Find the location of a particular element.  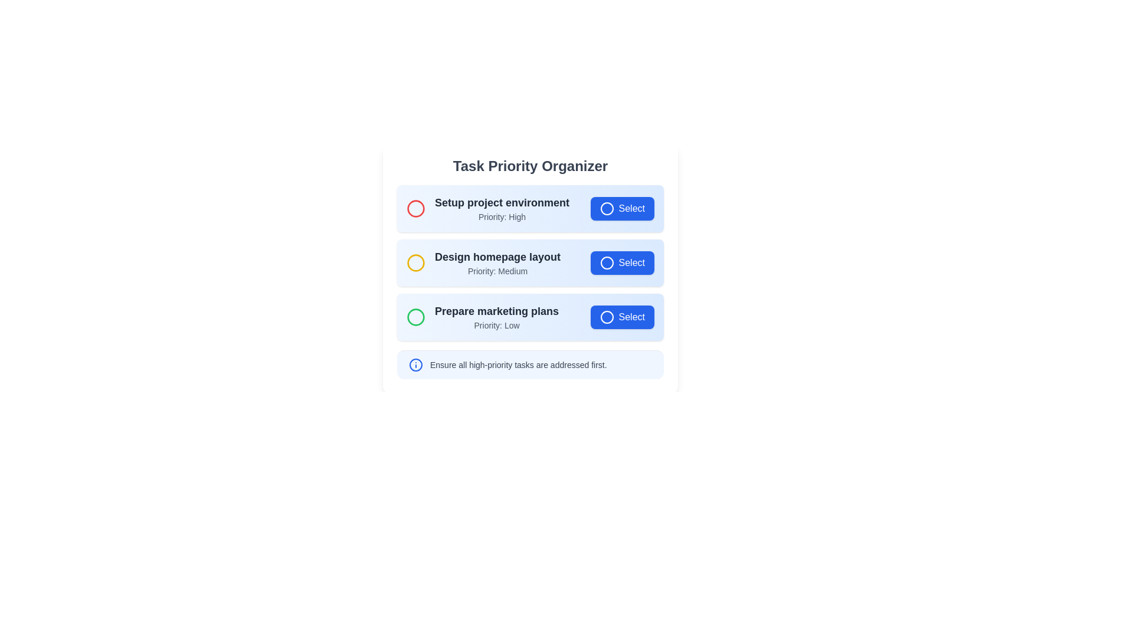

the text label displaying 'Prepare marketing plans' in bold dark gray color, which is the main text label of the third list item is located at coordinates (497, 311).